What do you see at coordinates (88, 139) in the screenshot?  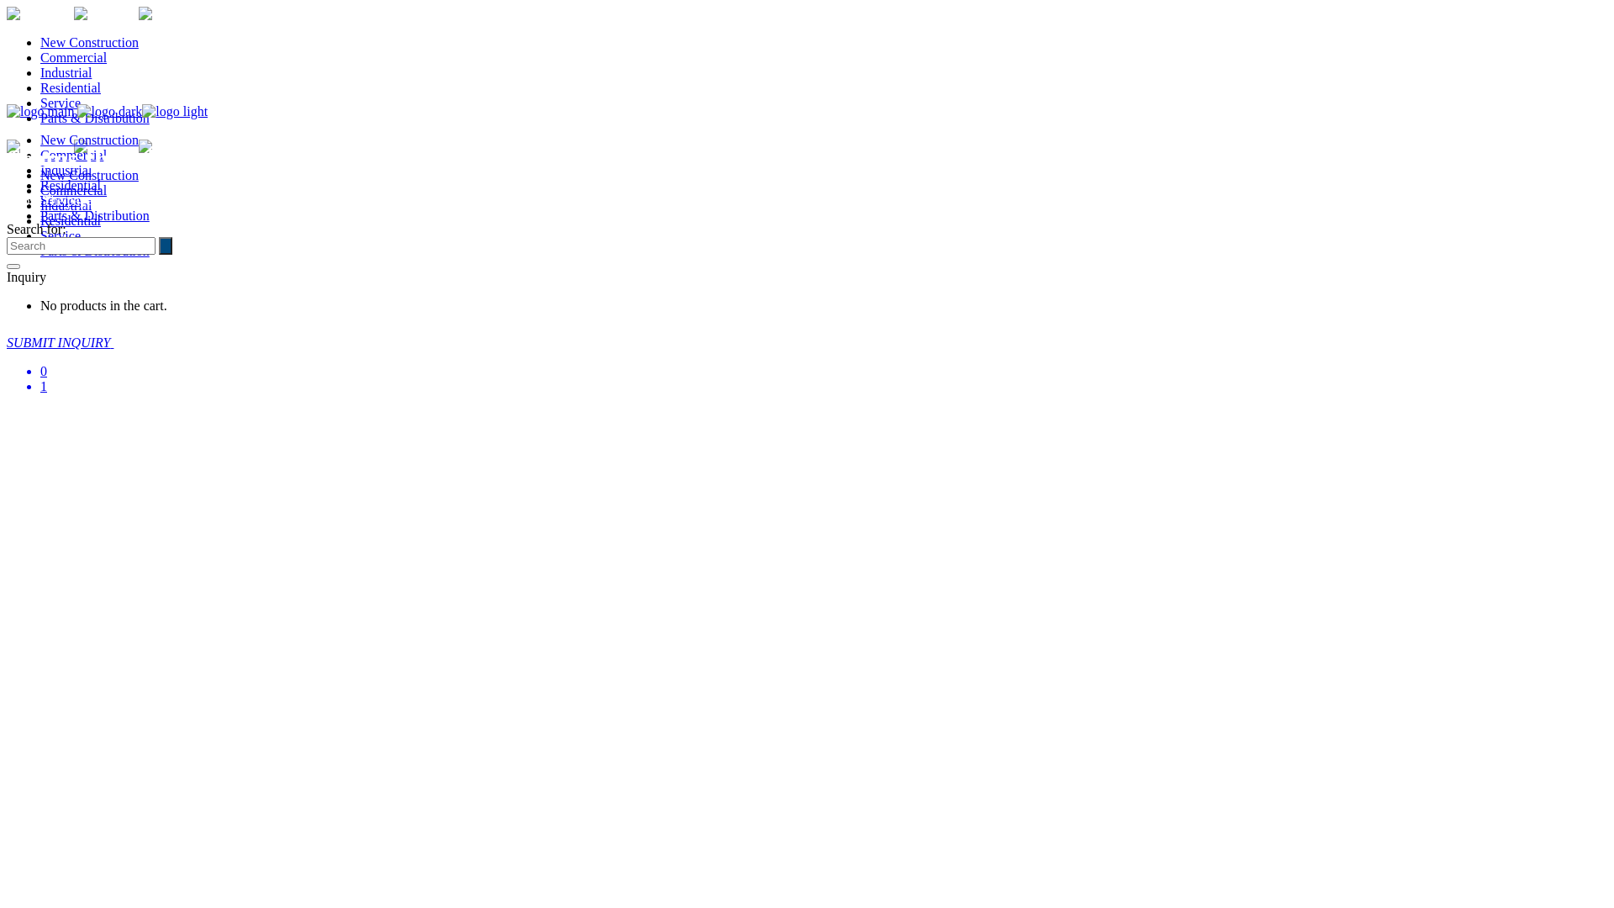 I see `'New Construction'` at bounding box center [88, 139].